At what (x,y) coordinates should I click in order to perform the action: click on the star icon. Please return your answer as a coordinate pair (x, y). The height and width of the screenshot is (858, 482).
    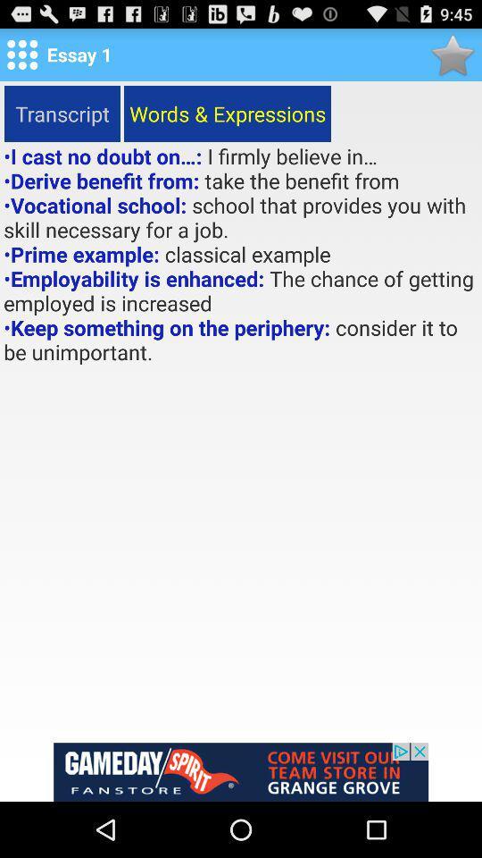
    Looking at the image, I should click on (453, 58).